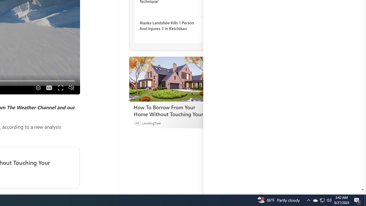 The height and width of the screenshot is (206, 366). Describe the element at coordinates (172, 111) in the screenshot. I see `'How To Borrow From Your Home Without Touching Your Mortgage'` at that location.